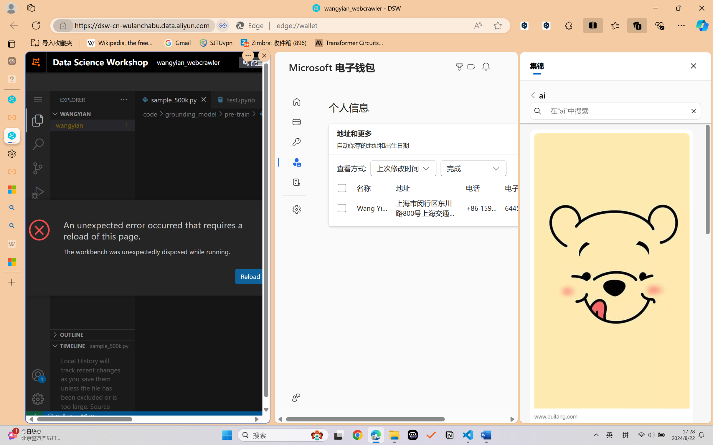 The width and height of the screenshot is (713, 445). I want to click on 'test.ipynb', so click(241, 99).